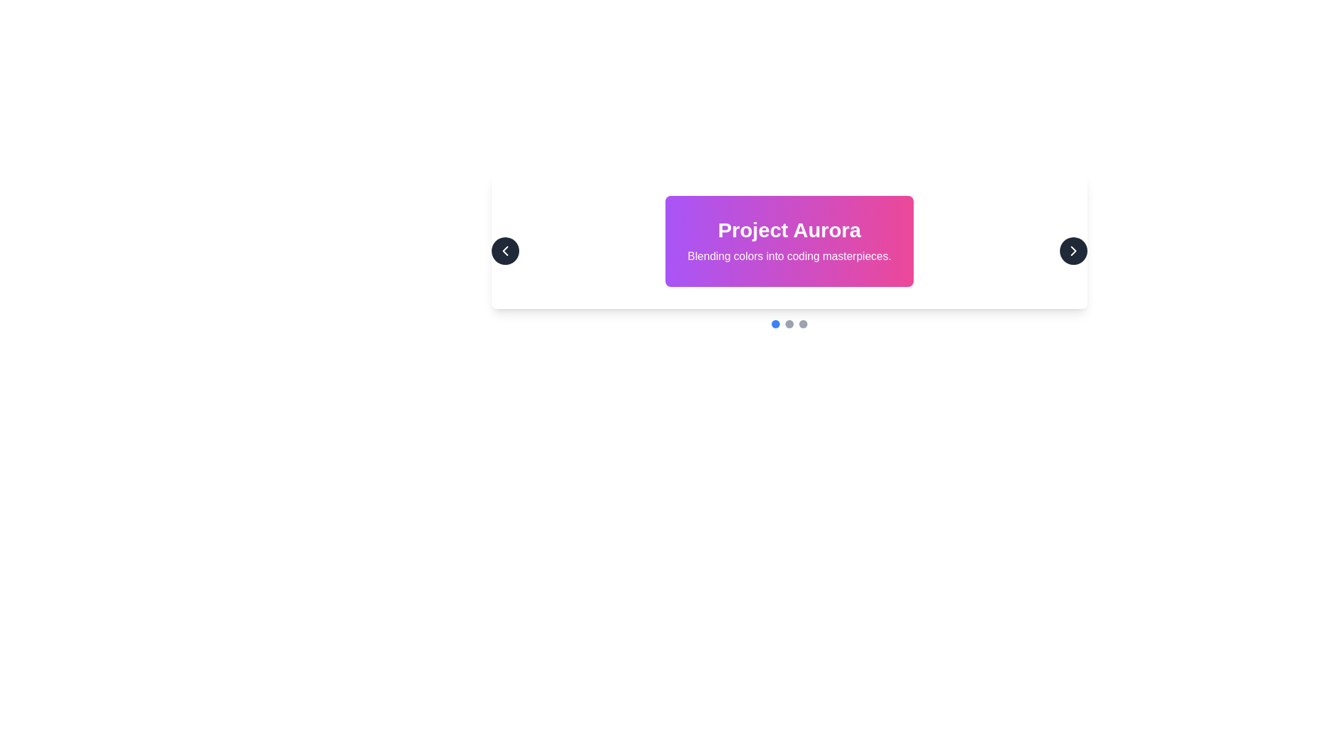  What do you see at coordinates (803, 324) in the screenshot?
I see `the third gray circular dot, which is the Interactive indicator dot located below the central content area` at bounding box center [803, 324].